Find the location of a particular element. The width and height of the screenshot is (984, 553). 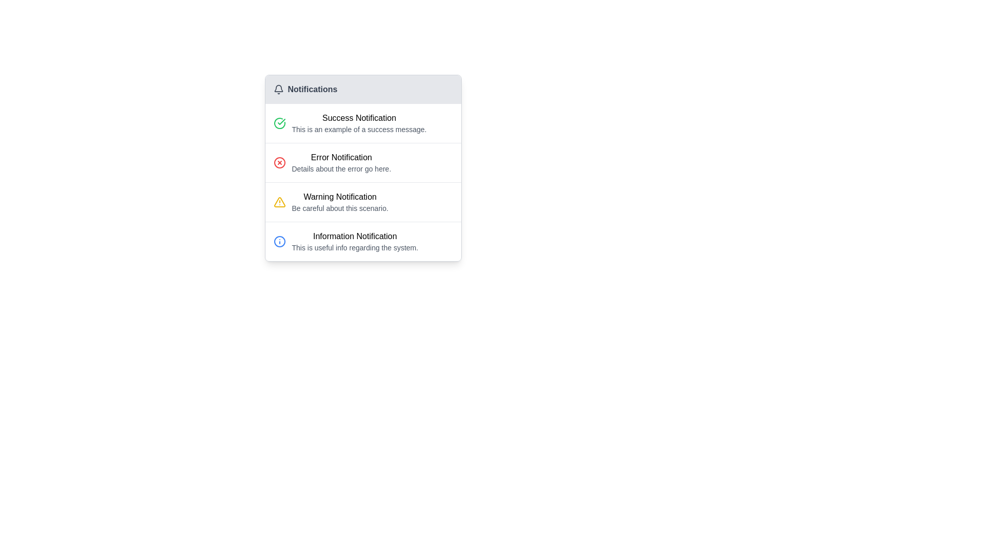

the text block titled 'Information Notification' with the description 'This is useful info regarding the system.' which is the fourth item in the notification list is located at coordinates (355, 241).